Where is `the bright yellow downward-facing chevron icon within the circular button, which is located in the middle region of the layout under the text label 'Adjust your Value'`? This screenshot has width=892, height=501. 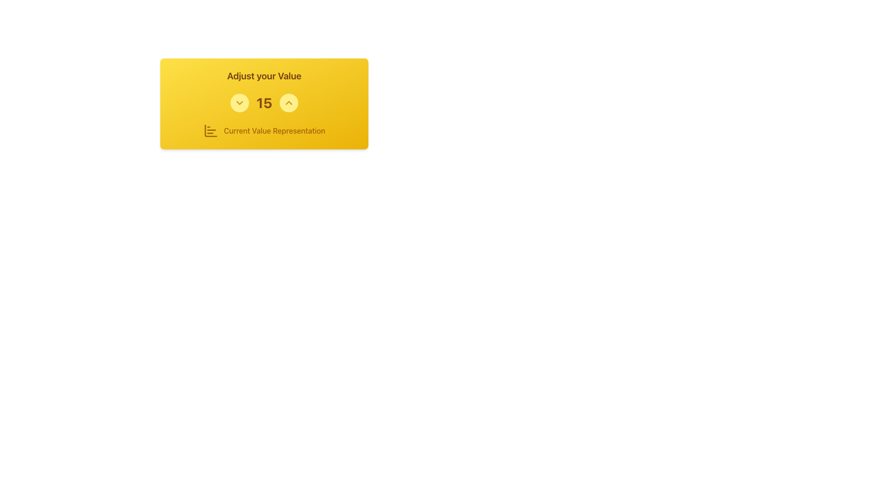 the bright yellow downward-facing chevron icon within the circular button, which is located in the middle region of the layout under the text label 'Adjust your Value' is located at coordinates (240, 103).